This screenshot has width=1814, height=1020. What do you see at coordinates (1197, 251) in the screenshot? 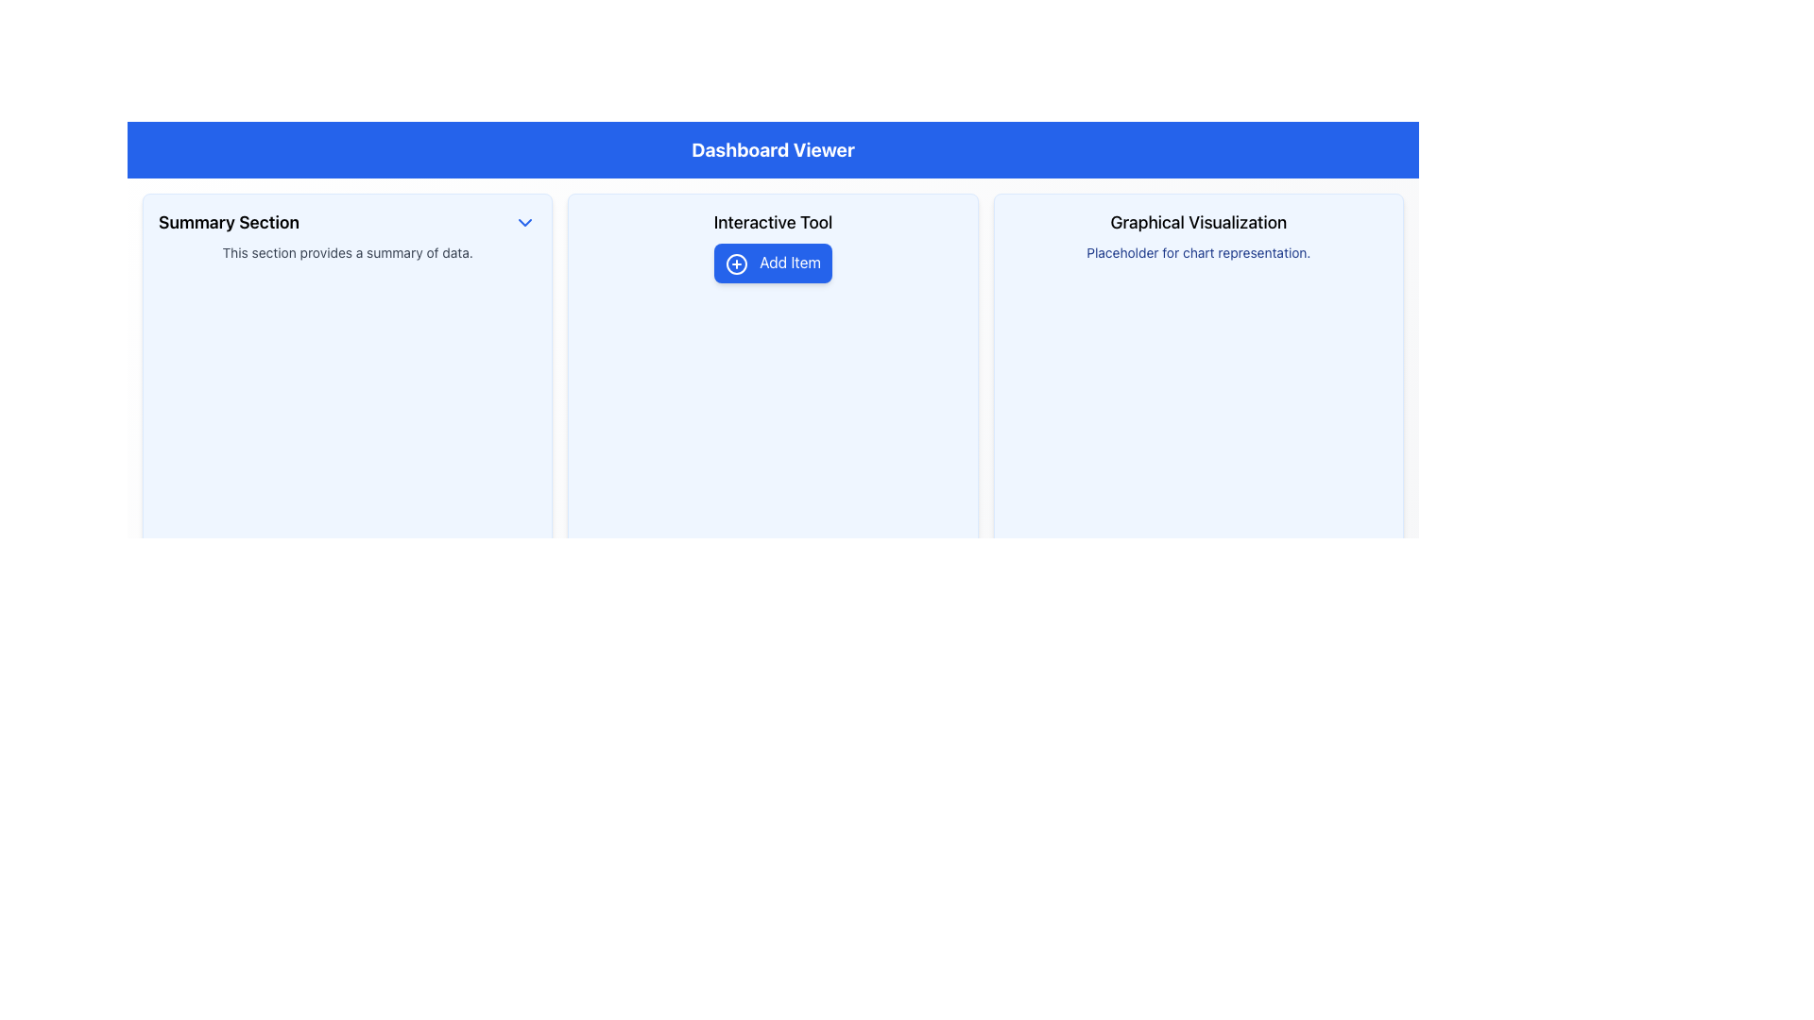
I see `text from the Text Label located below the header 'Graphical Visualization' in the card-style segment on the right side of the main layout` at bounding box center [1197, 251].